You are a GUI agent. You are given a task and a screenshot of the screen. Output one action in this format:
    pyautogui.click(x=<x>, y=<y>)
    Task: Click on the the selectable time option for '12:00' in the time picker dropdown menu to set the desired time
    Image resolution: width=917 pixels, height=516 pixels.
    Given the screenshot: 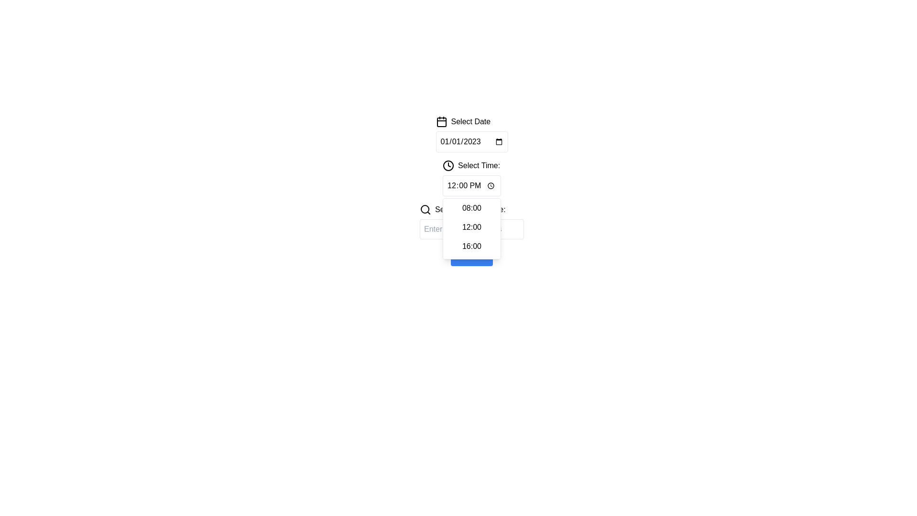 What is the action you would take?
    pyautogui.click(x=472, y=227)
    